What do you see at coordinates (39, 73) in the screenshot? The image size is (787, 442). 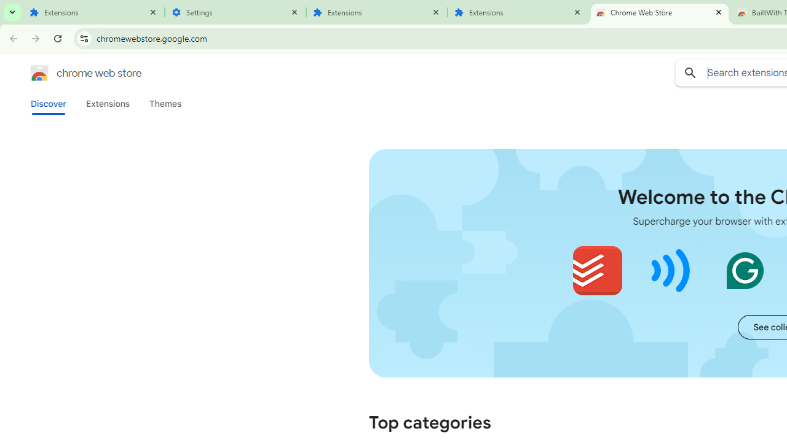 I see `'Chrome Web Store logo'` at bounding box center [39, 73].